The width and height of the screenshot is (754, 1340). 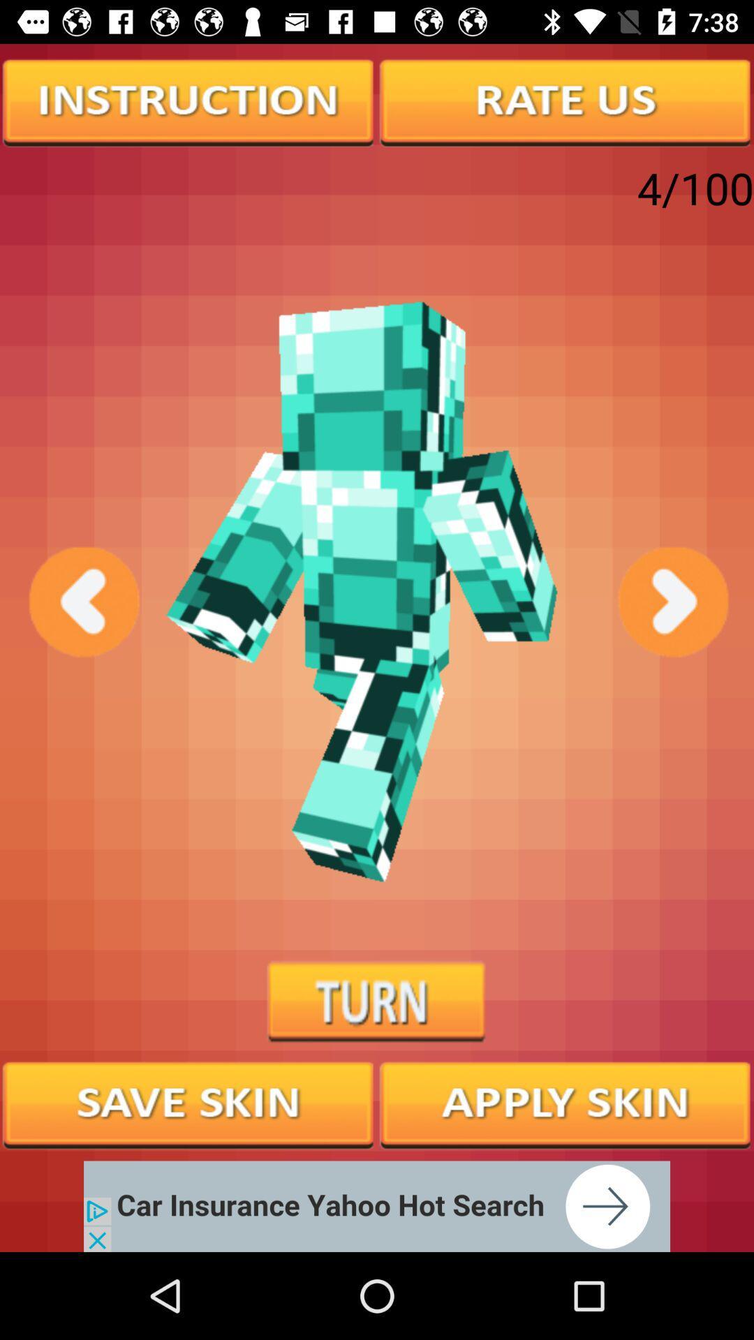 I want to click on next, so click(x=670, y=602).